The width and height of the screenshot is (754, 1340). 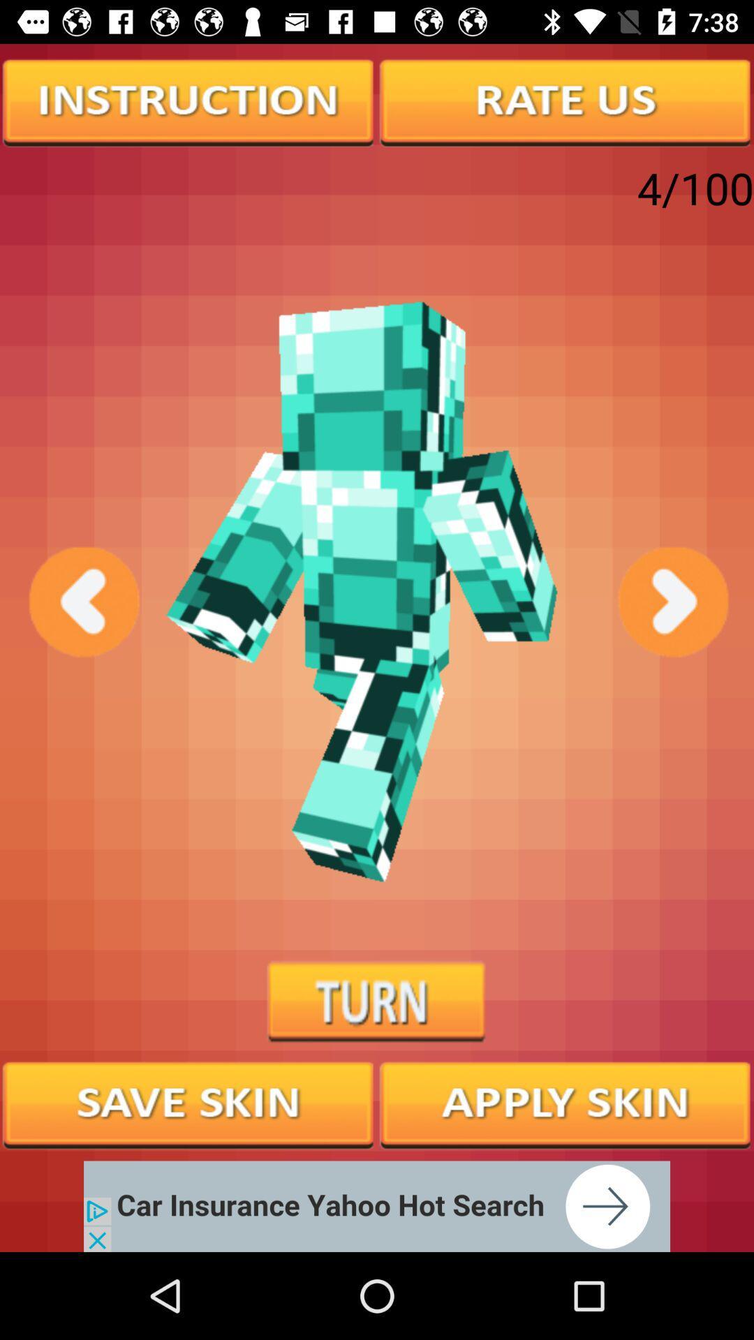 I want to click on next, so click(x=670, y=602).